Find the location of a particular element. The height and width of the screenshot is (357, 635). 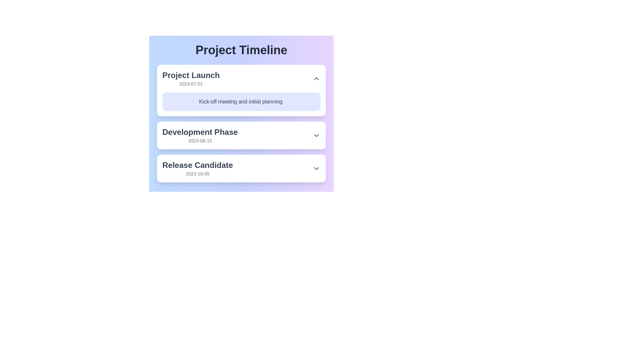

date displayed on the Text Label located at the bottom of the 'Project Timeline' interface, which provides information related to the 'Release Candidate' milestone is located at coordinates (197, 173).